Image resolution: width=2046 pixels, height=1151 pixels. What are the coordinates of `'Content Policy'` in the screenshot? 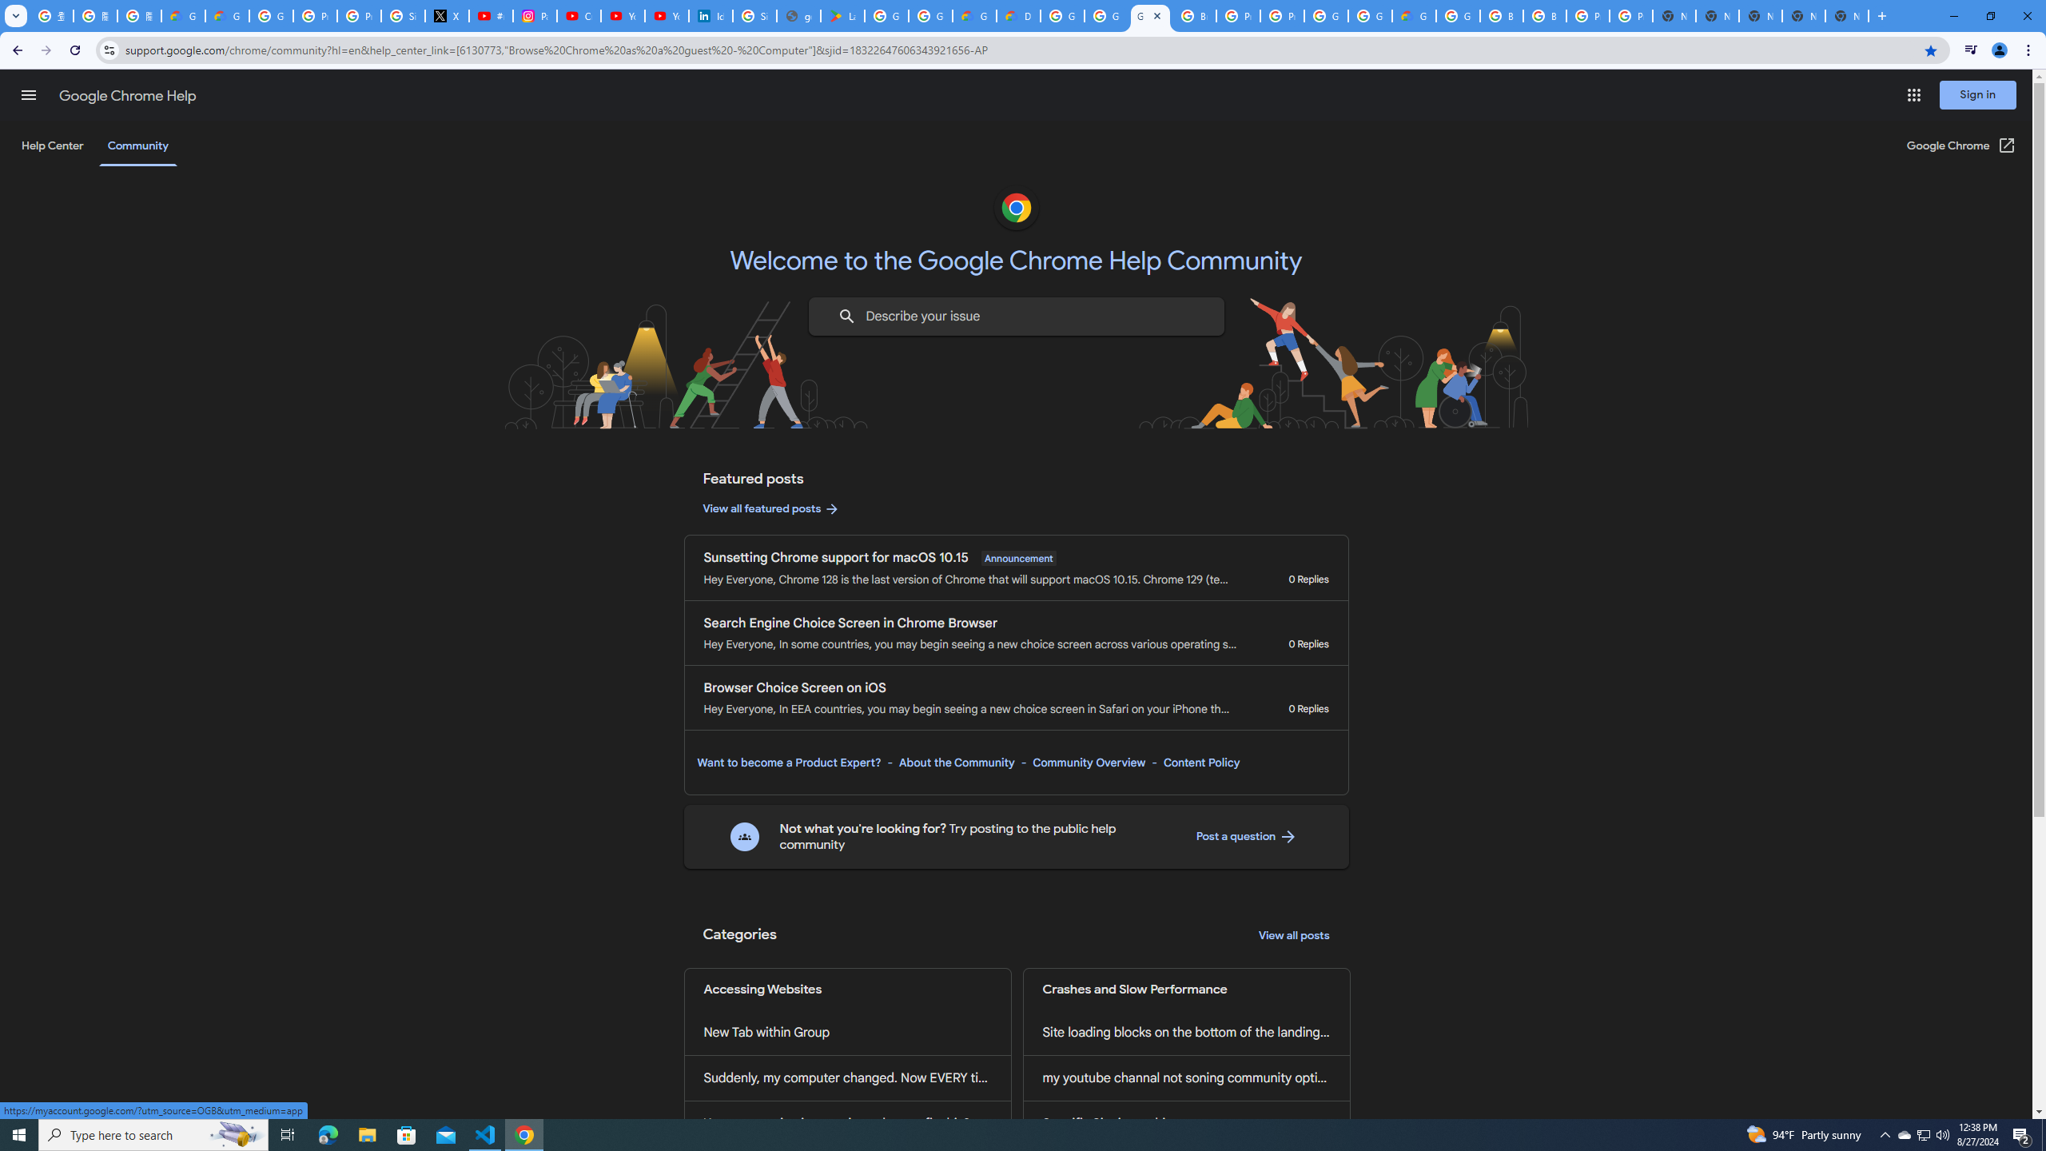 It's located at (1200, 762).